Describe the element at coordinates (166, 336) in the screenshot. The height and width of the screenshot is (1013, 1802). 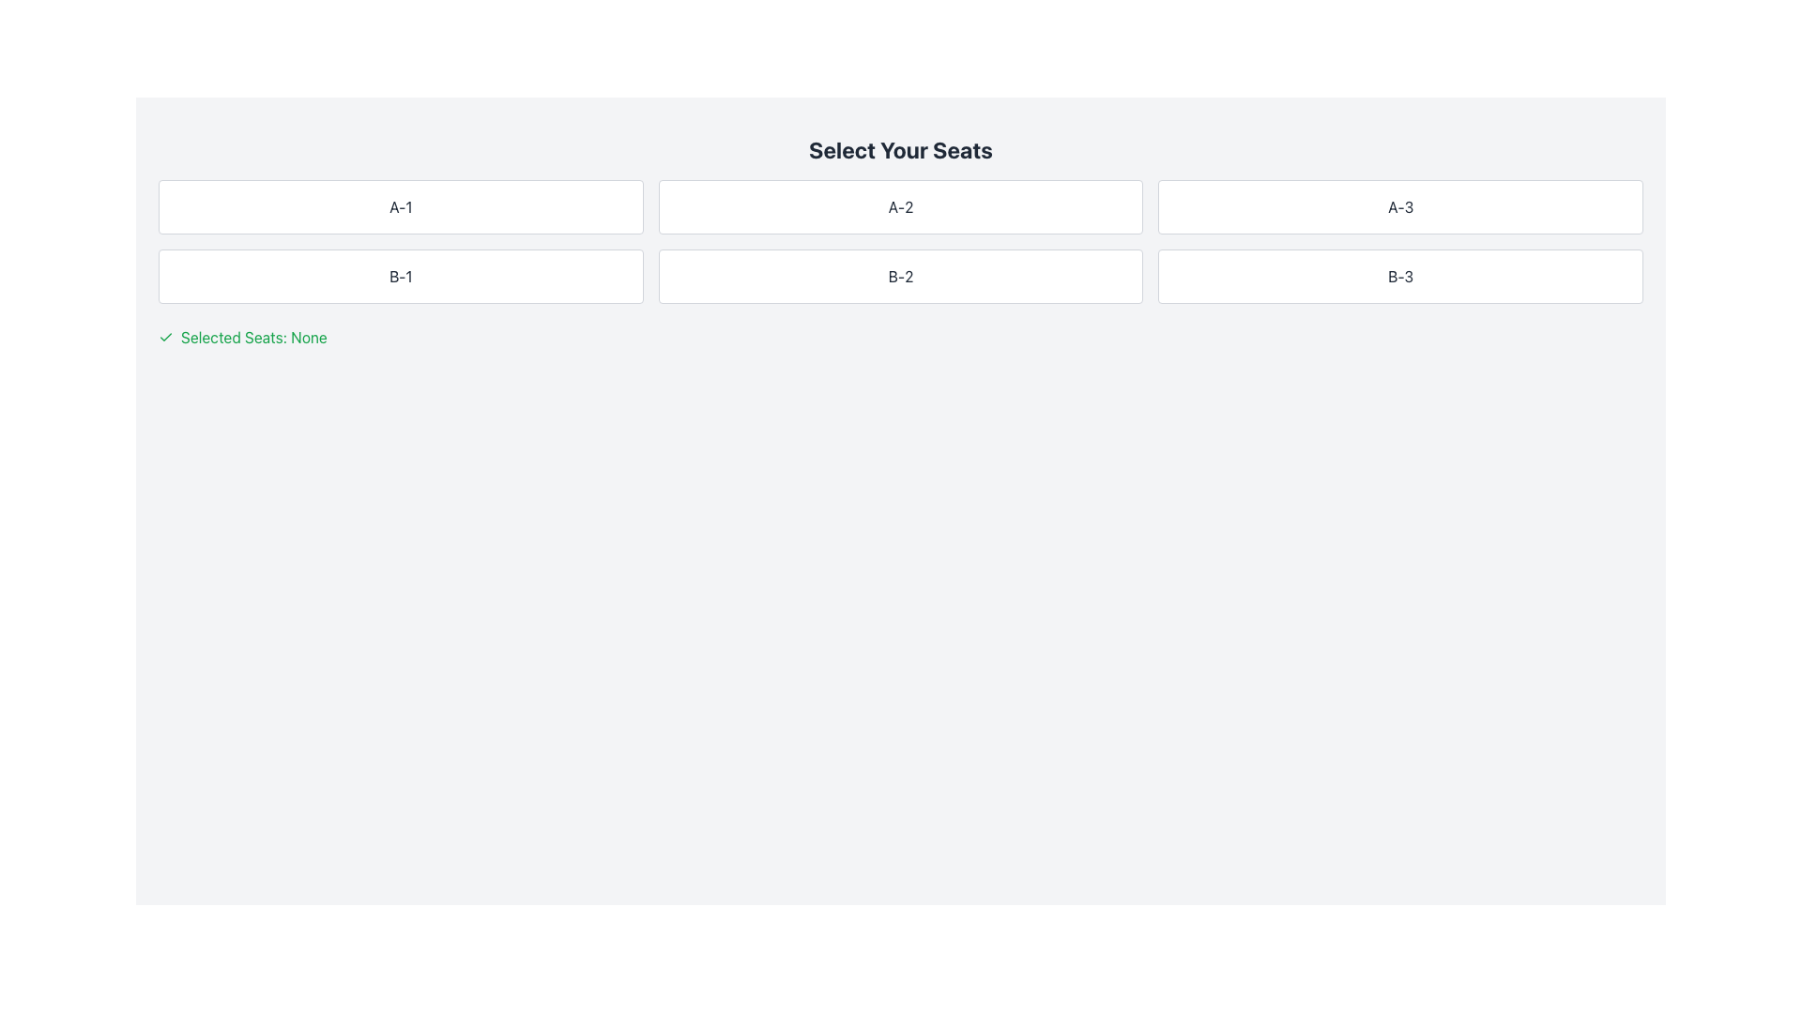
I see `the green checkmark icon located next to the text 'Selected Seats: None', which is styled in green text` at that location.